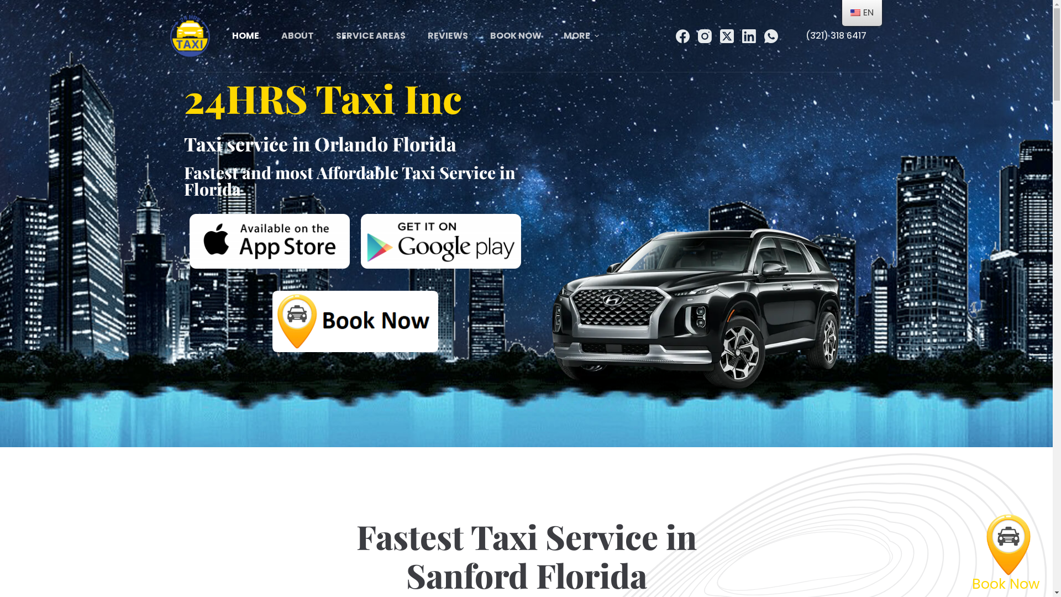 This screenshot has height=597, width=1061. I want to click on '(321) 318 6417', so click(836, 35).